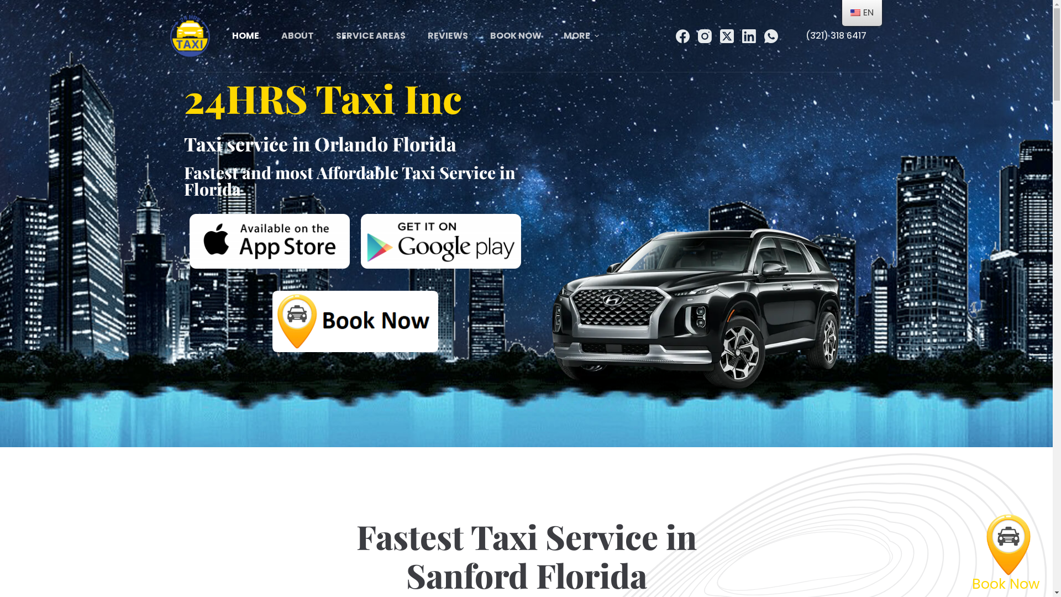 This screenshot has height=597, width=1061. I want to click on '(321) 318 6417', so click(836, 35).